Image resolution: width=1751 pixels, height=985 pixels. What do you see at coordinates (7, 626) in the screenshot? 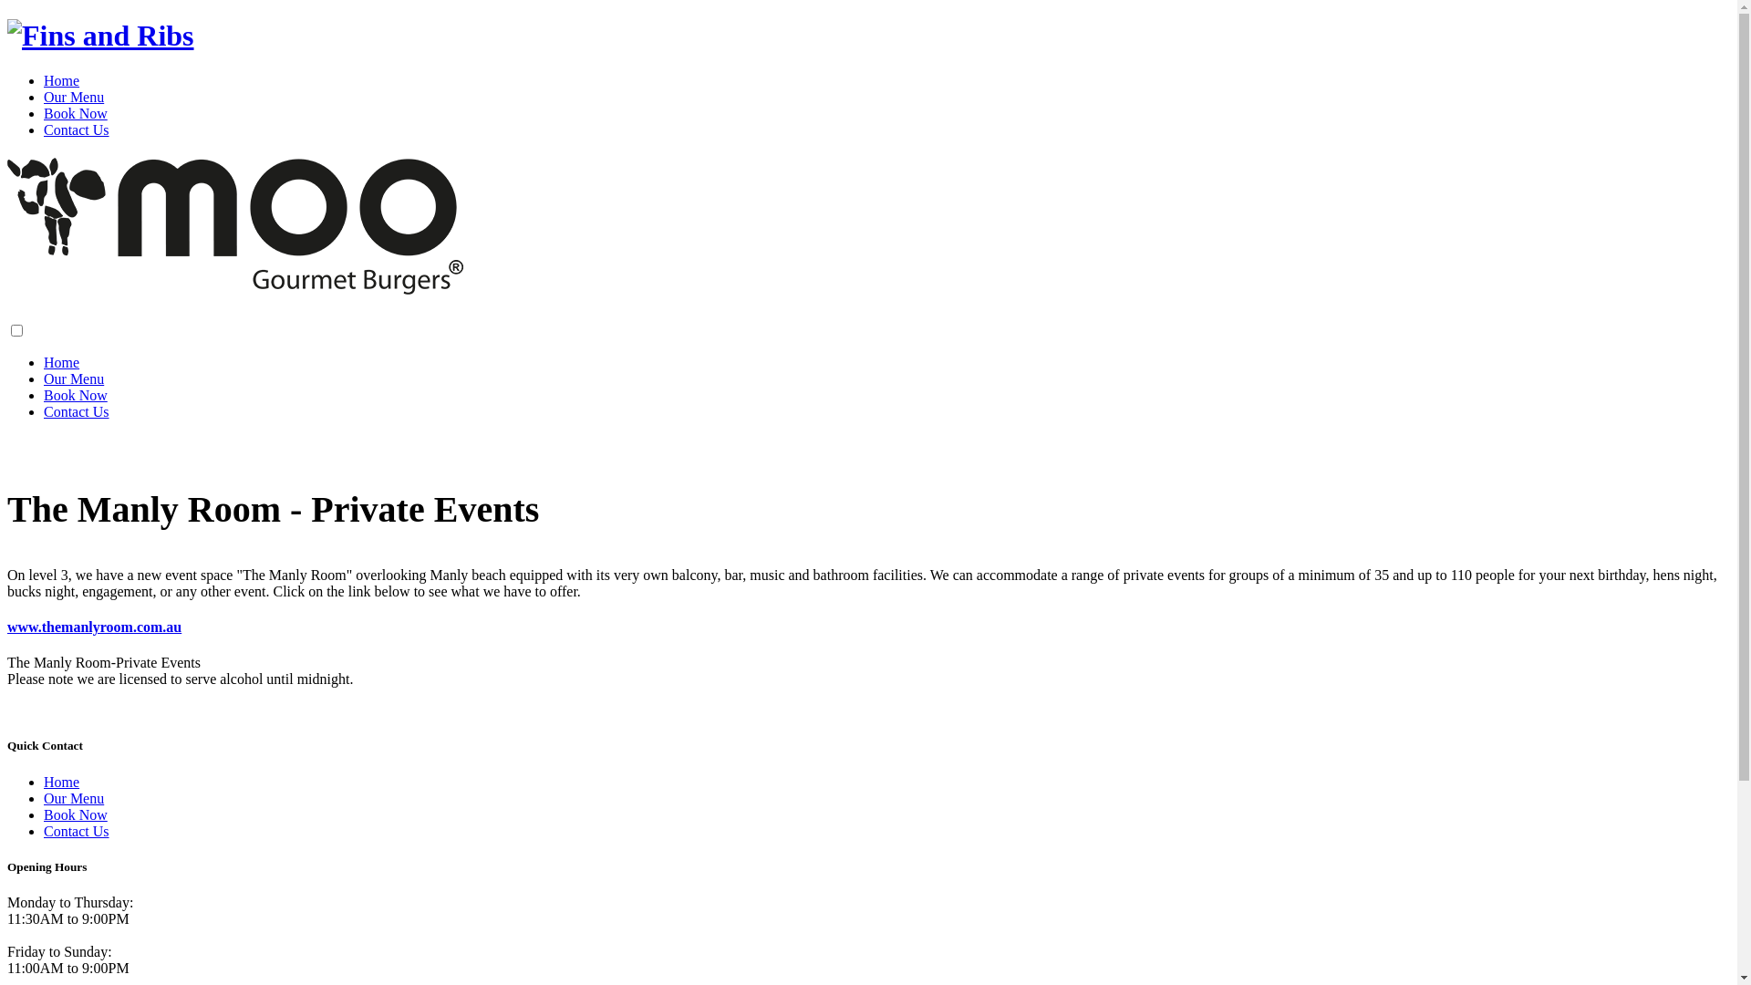
I see `'www.themanlyroom.com.au'` at bounding box center [7, 626].